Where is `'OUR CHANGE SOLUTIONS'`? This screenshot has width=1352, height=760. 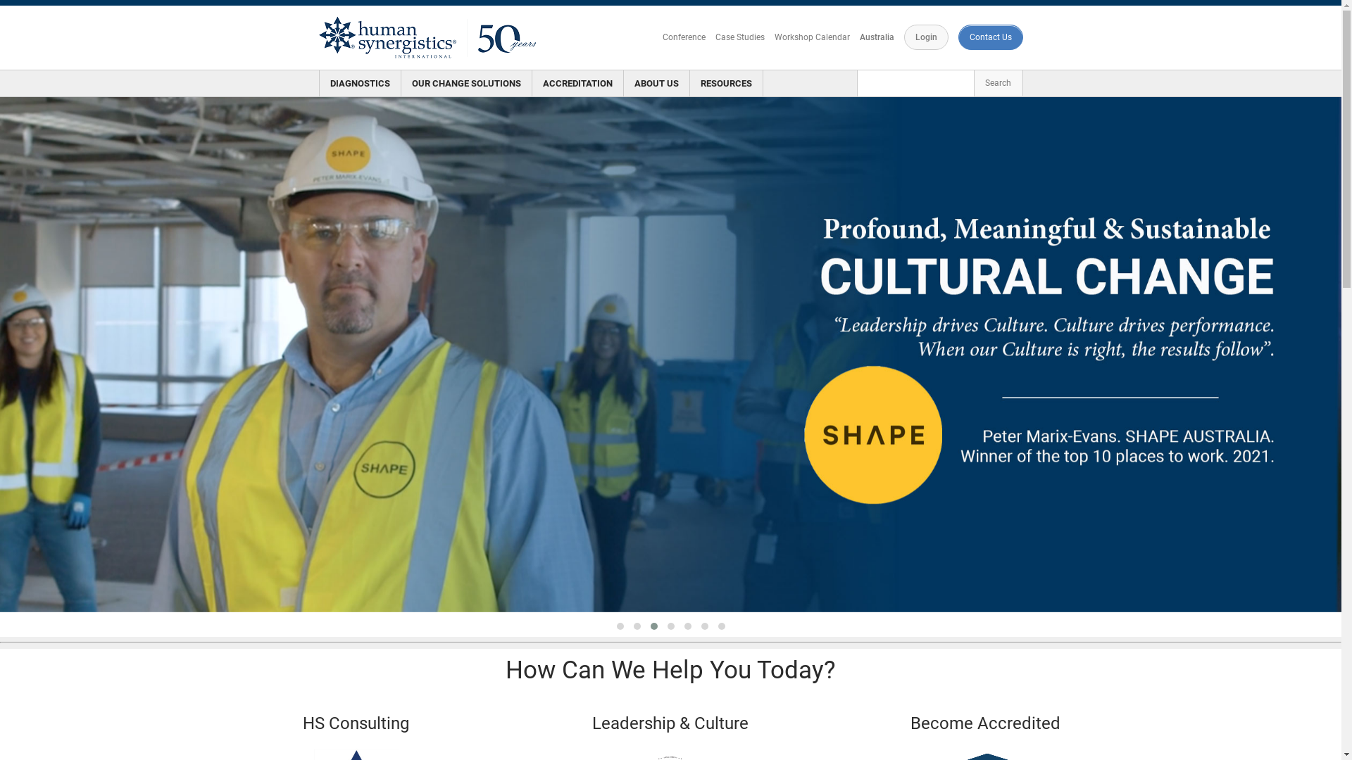 'OUR CHANGE SOLUTIONS' is located at coordinates (401, 83).